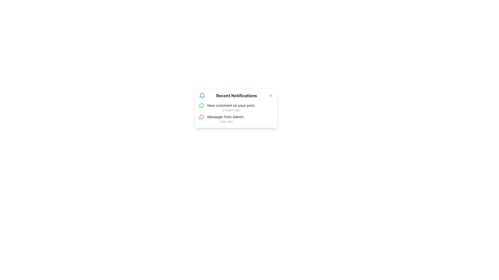 This screenshot has width=499, height=280. Describe the element at coordinates (236, 107) in the screenshot. I see `the first notification item, which contains a green speech bubble icon and text 'New comment on your post.'` at that location.